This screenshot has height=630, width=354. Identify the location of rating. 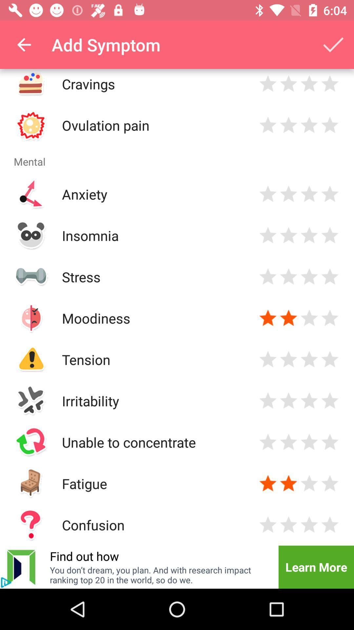
(288, 524).